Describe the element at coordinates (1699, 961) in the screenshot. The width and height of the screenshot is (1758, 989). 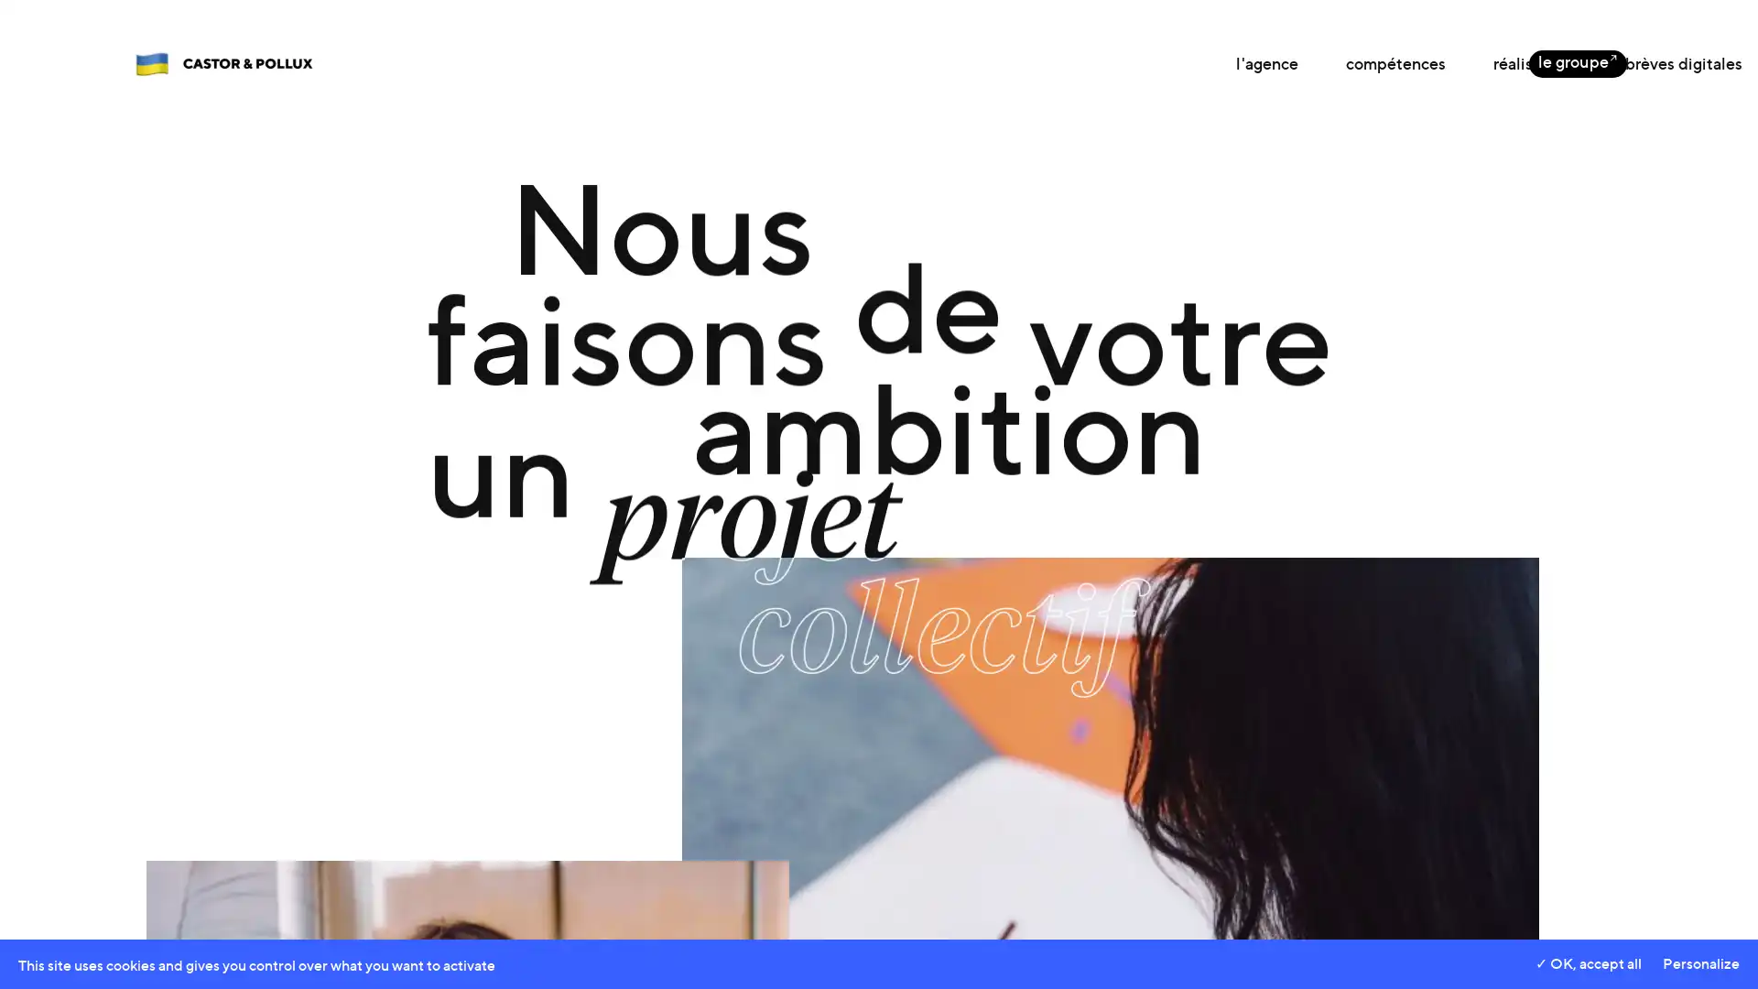
I see `Personalize` at that location.